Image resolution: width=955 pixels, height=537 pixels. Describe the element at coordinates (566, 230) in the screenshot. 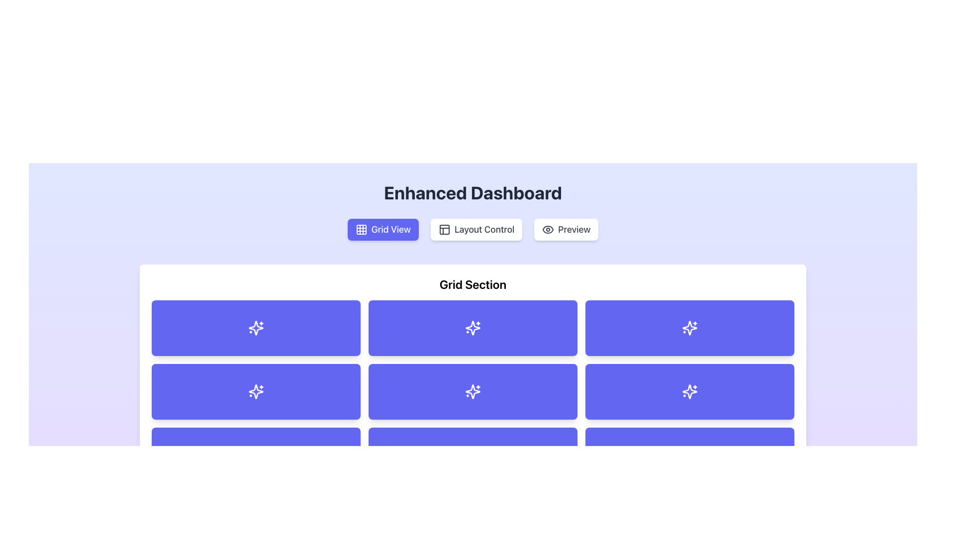

I see `the 'Preview' button, which is a rounded rectangle with a white background and gray text, located to the right of the 'Grid View' and 'Layout Control' buttons` at that location.